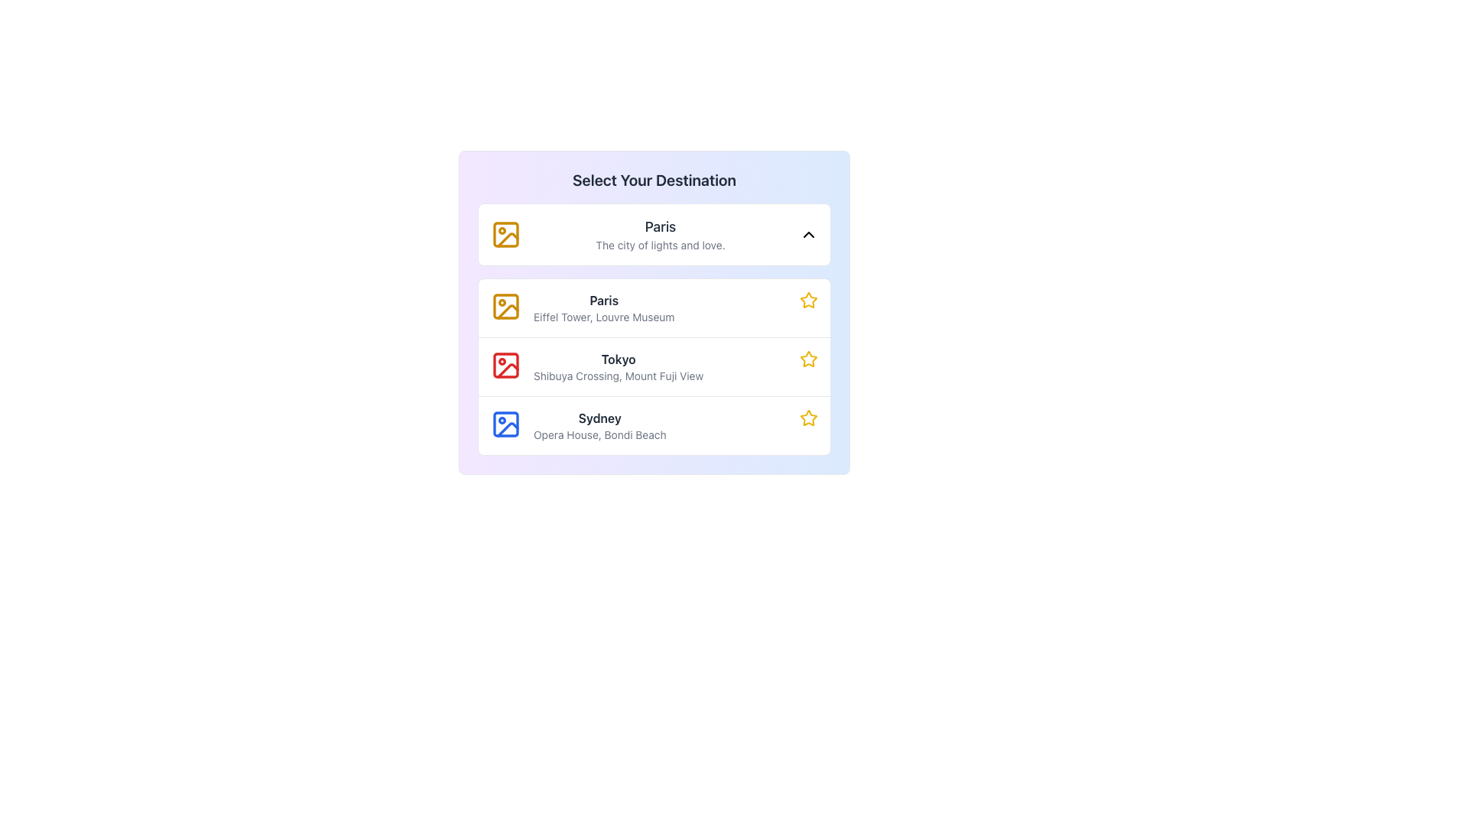 The width and height of the screenshot is (1468, 826). Describe the element at coordinates (654, 179) in the screenshot. I see `the introductory text that labels the section for selecting a destination, which is located at the top-center of a rounded card with a gradient background` at that location.